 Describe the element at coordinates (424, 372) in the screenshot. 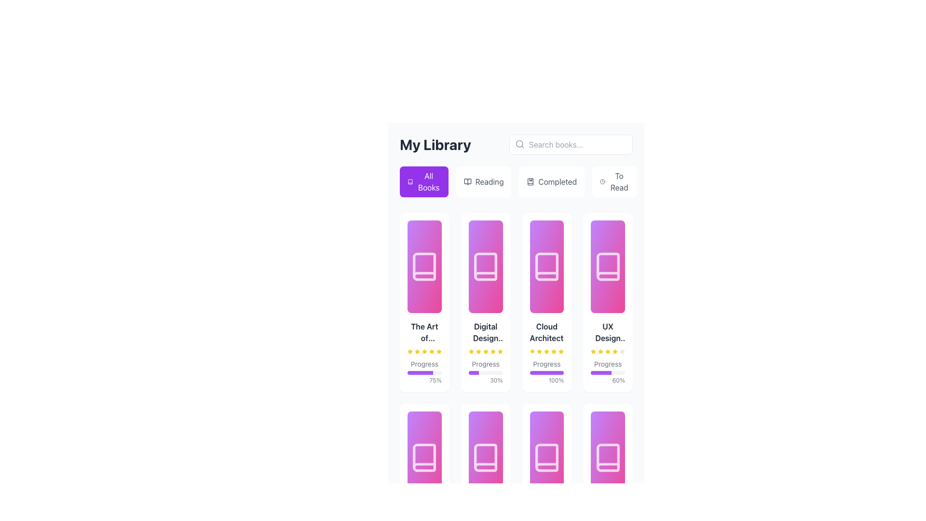

I see `the horizontal progress bar styled as a thin, rounded rectangle, which is partially filled with purple color and located beneath the 'Progress' label` at that location.